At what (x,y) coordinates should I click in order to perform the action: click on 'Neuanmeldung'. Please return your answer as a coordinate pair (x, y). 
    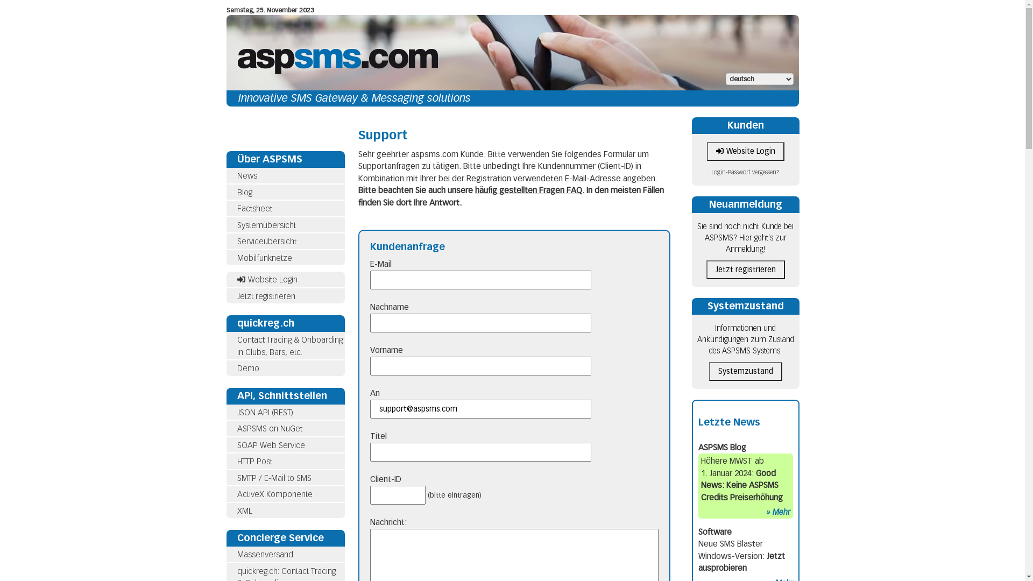
    Looking at the image, I should click on (745, 204).